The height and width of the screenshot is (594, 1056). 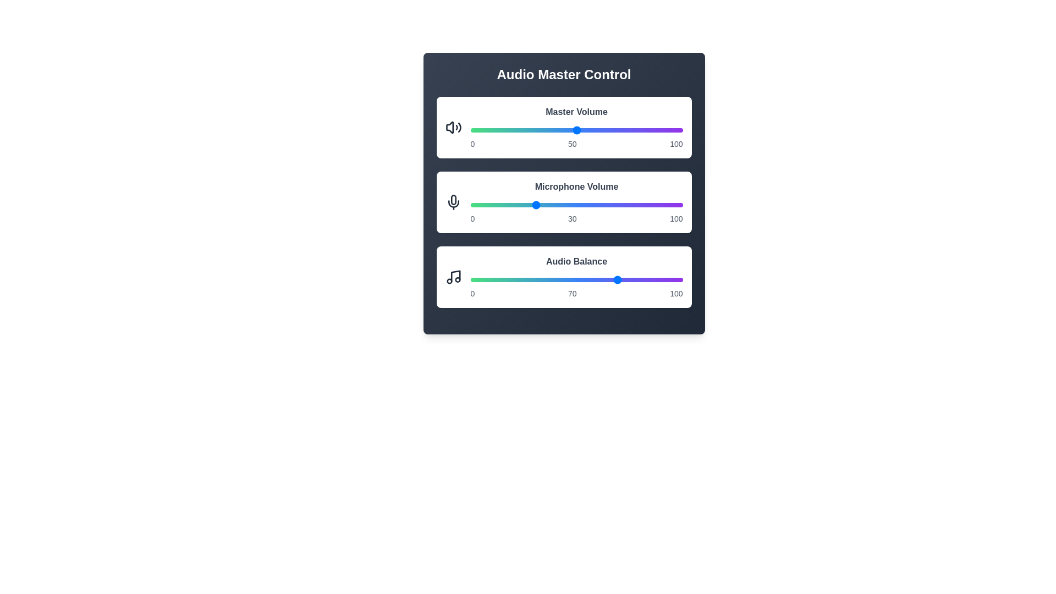 I want to click on the microphone volume slider to 32%, so click(x=538, y=205).